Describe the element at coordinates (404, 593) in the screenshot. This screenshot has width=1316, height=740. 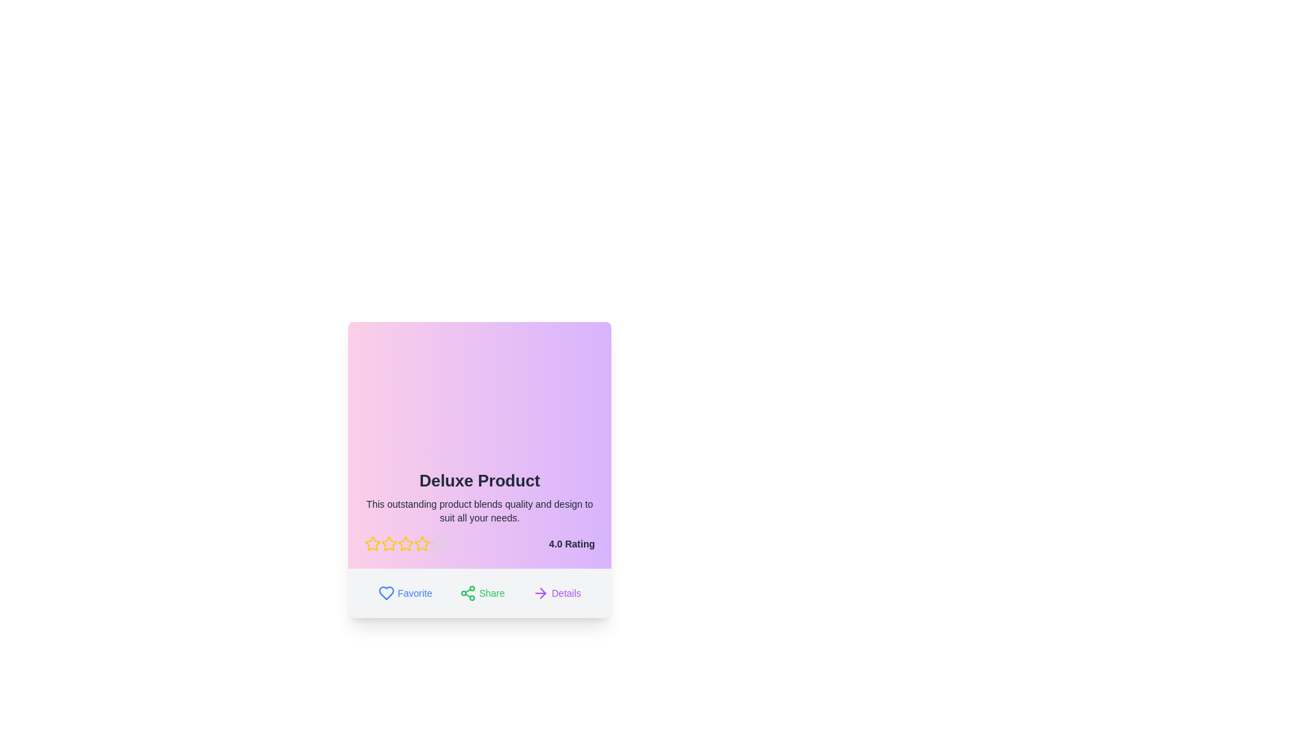
I see `the 'Favorite' button, which features a blue heart icon and the word 'Favorite' in blue text, located at the bottom of the card to mark it as favorite` at that location.